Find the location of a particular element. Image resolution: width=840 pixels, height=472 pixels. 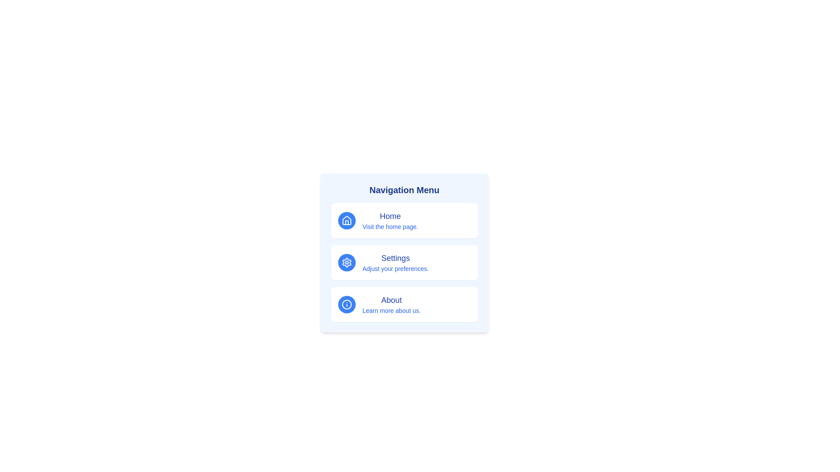

the 'About' button which features a blue circular icon with an 'i' symbol and two lines of text, to read its description is located at coordinates (404, 304).